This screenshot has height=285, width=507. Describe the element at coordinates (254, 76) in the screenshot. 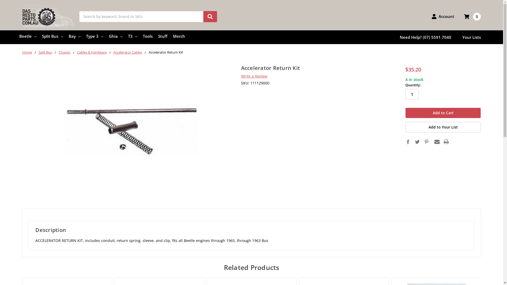

I see `'Write a Review'` at that location.